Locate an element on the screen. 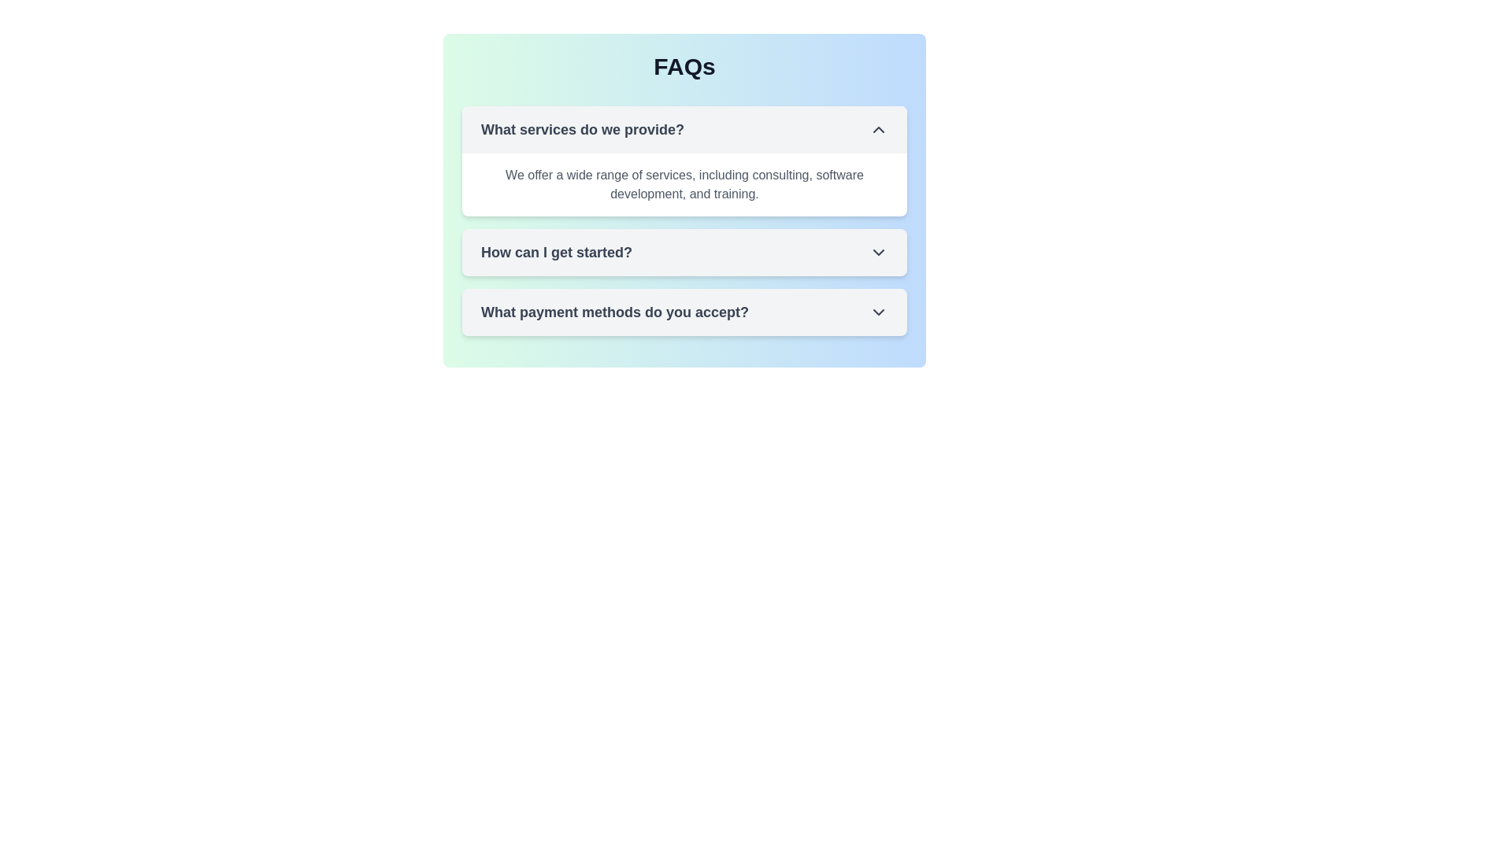 The width and height of the screenshot is (1512, 850). the downward-pointing chevron icon located towards the right edge of the text section labeled 'What payment methods do you accept?' is located at coordinates (878, 312).